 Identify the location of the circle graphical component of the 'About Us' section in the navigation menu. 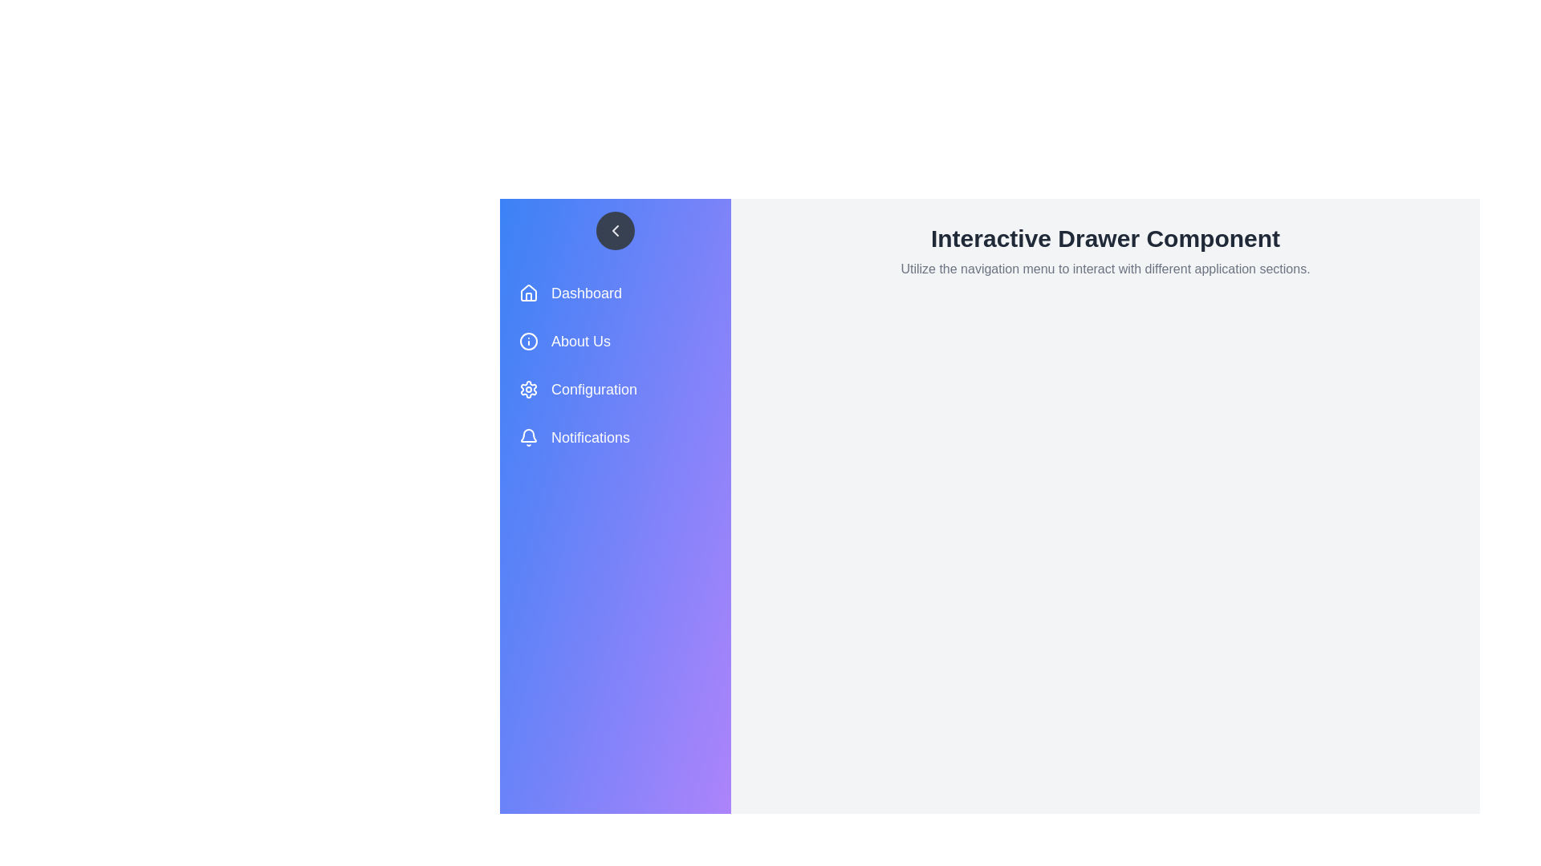
(528, 340).